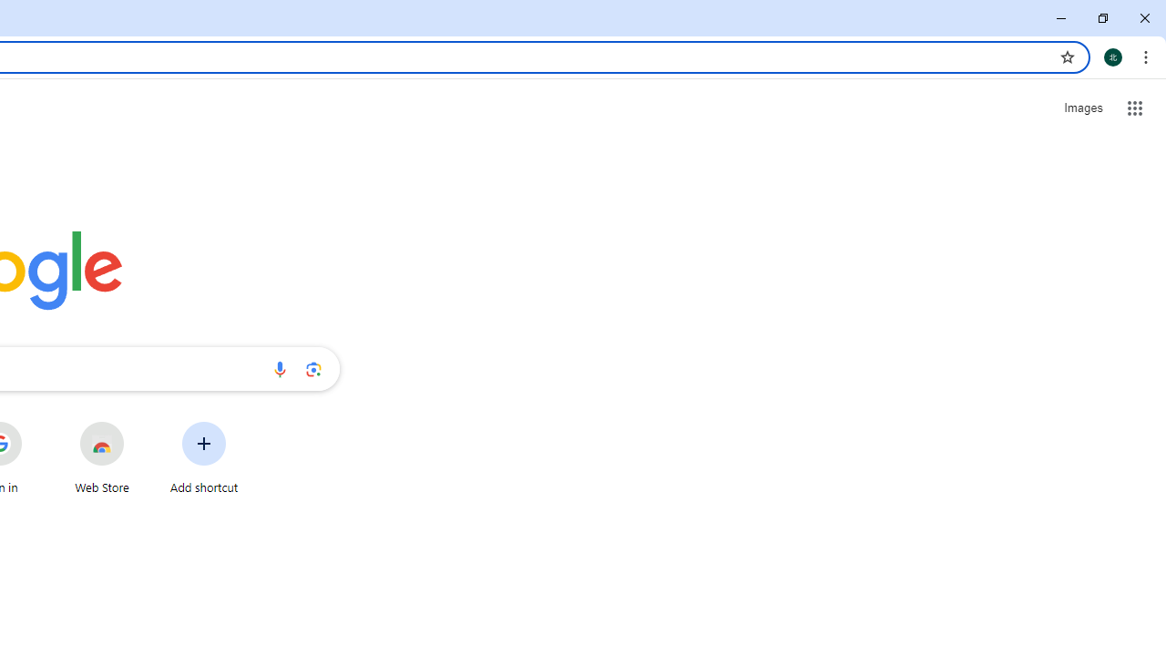 The width and height of the screenshot is (1166, 656). I want to click on 'Restore', so click(1101, 18).